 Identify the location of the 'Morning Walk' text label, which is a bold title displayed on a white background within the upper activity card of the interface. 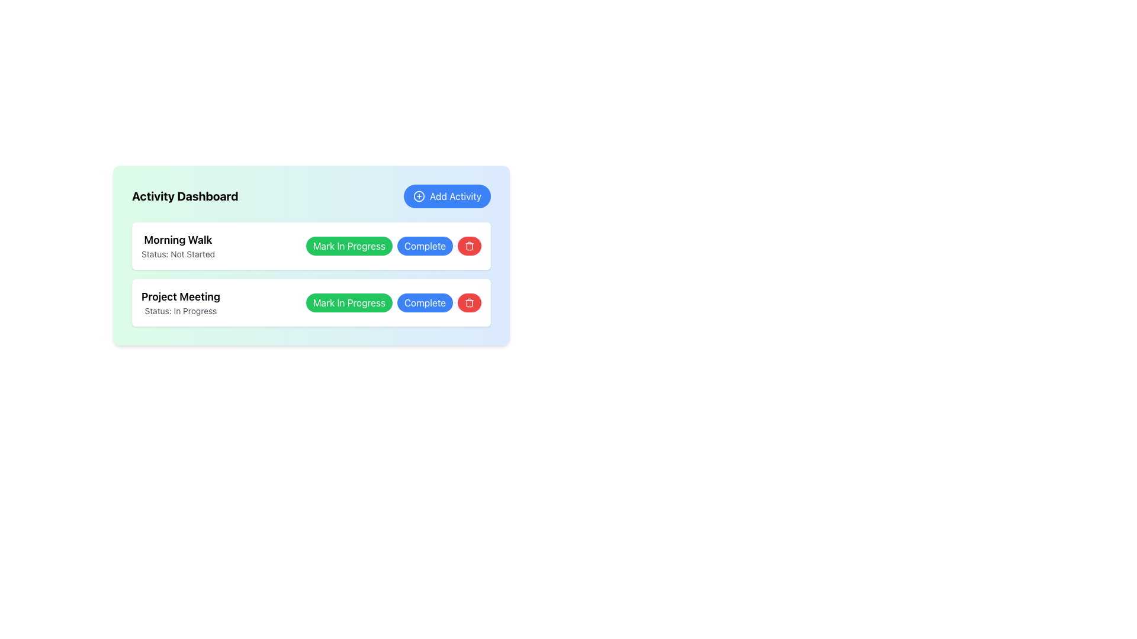
(178, 240).